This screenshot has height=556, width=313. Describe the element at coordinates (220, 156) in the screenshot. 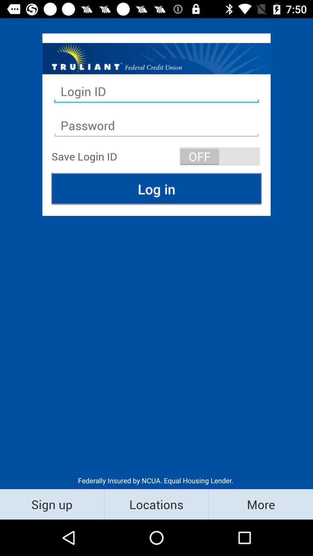

I see `the icon next to save login id icon` at that location.